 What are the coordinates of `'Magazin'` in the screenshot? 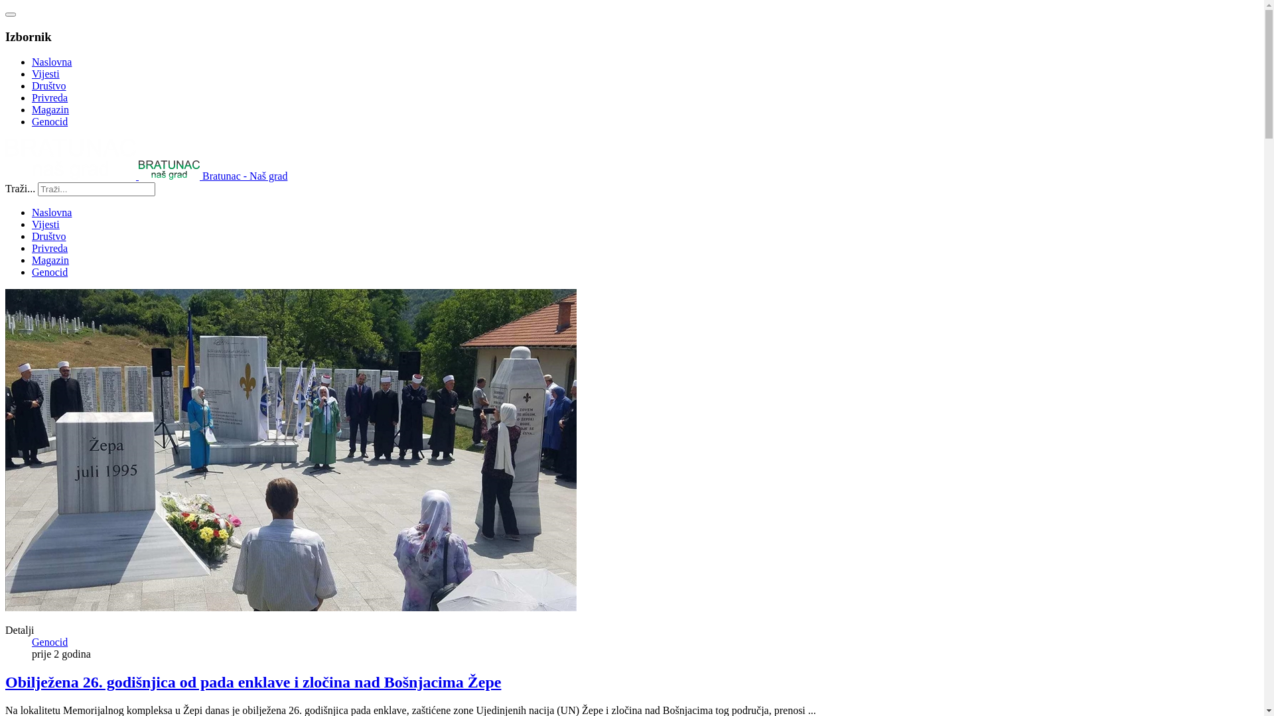 It's located at (32, 109).